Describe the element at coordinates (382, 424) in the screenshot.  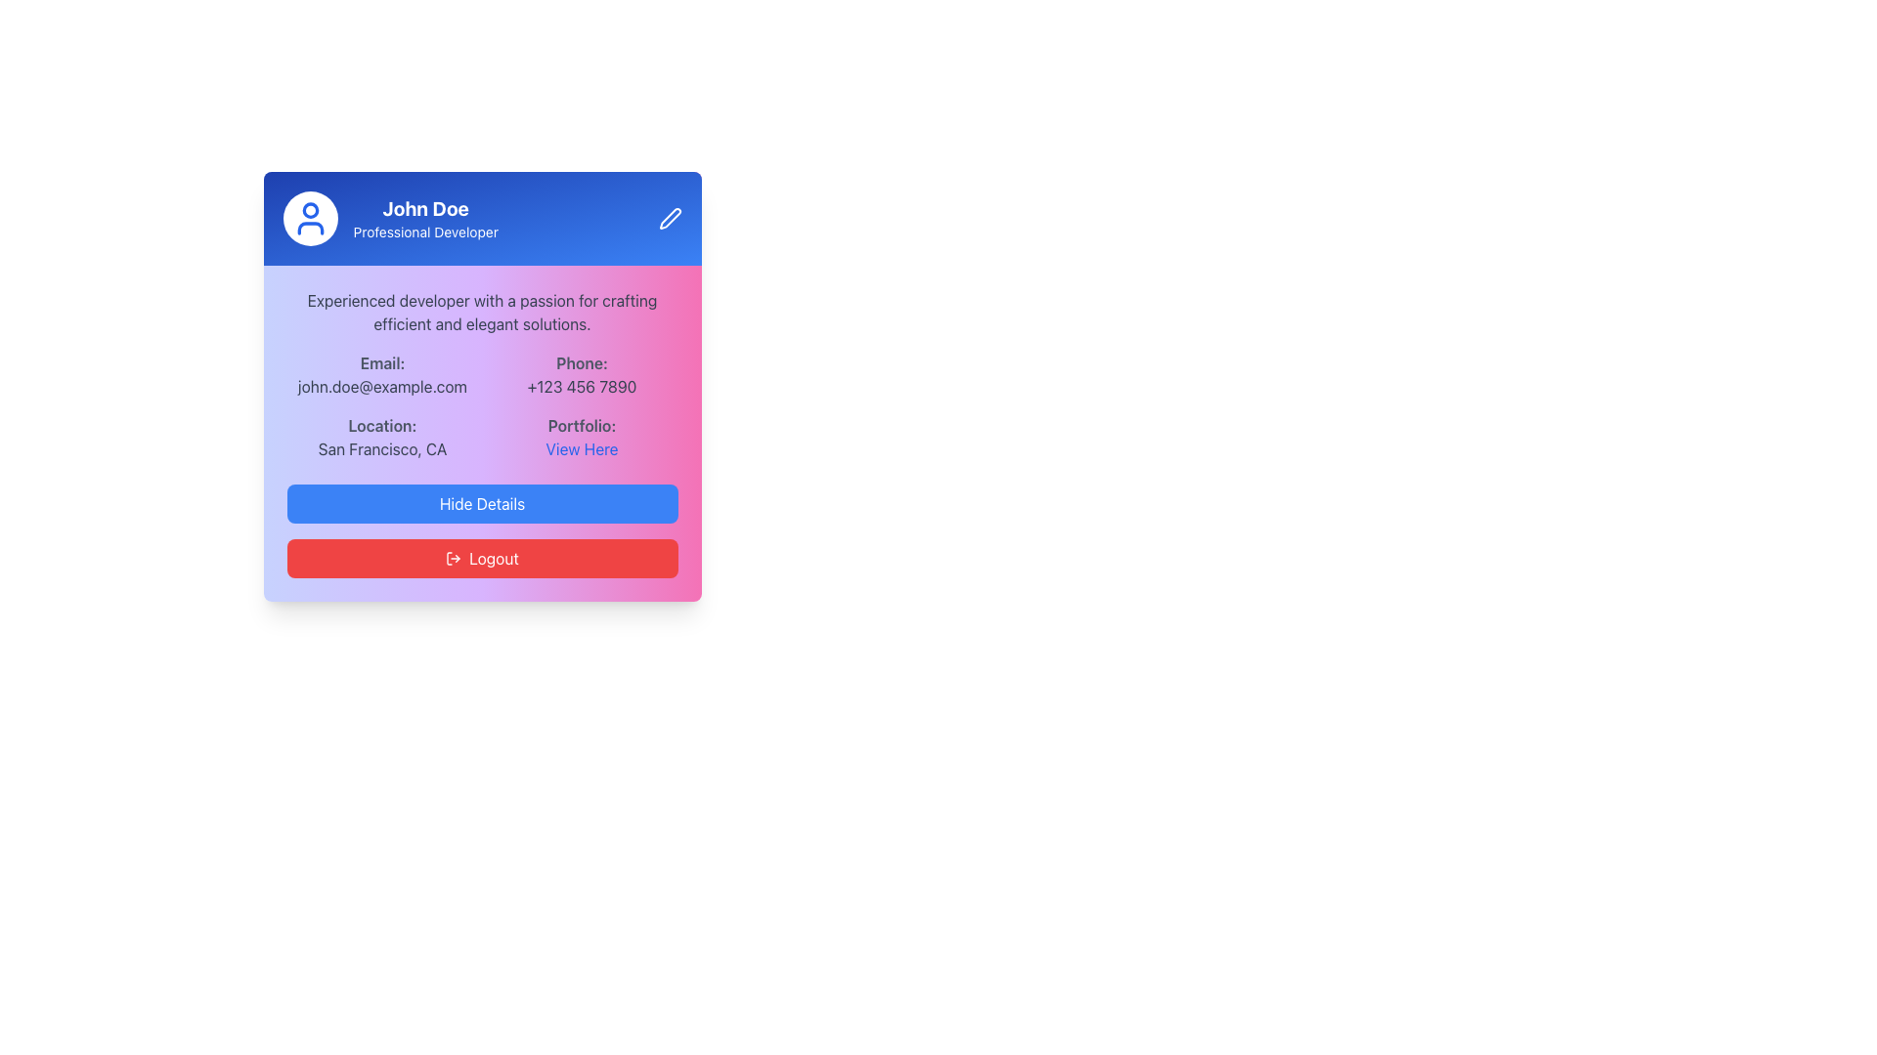
I see `the bolded text label displaying 'Location:' in gray color, located in the main information card UI above the text 'San Francisco, CA.'` at that location.